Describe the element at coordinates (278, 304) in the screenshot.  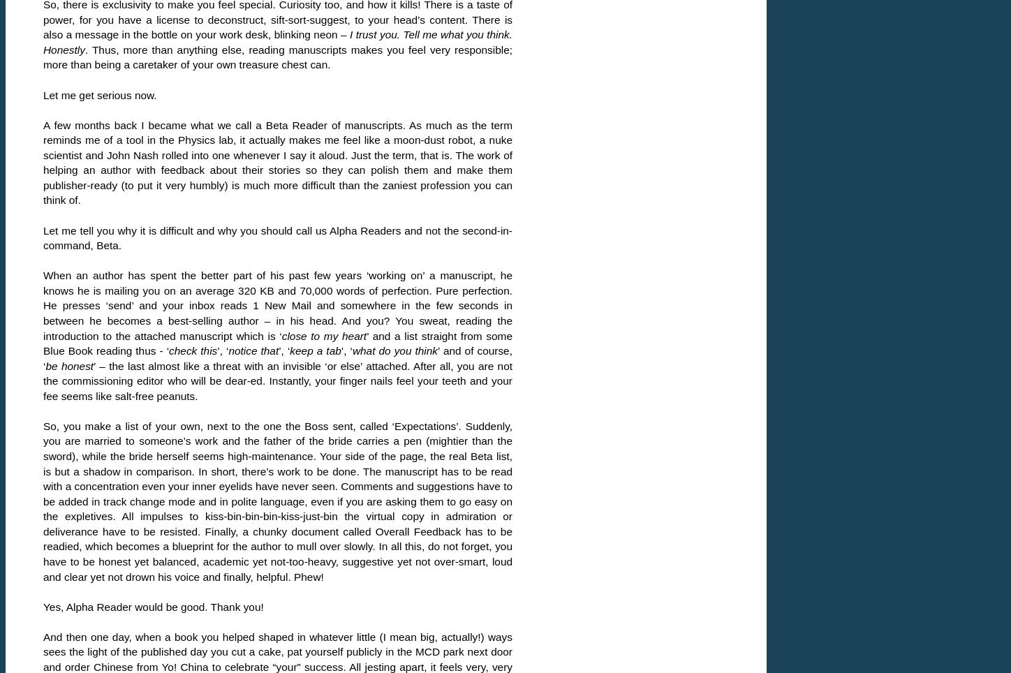
I see `'When an author has spent the better part of his past few years ‘working on’ a manuscript, he knows he is mailing you on an average 320 KB and 70,000 words of perfection. Pure perfection. He presses ‘send’ and your inbox reads 1 New Mail and somewhere in the few seconds in between he becomes a best-selling author – in his head. And you? You sweat, reading the introduction to the attached manuscript which is ‘'` at that location.